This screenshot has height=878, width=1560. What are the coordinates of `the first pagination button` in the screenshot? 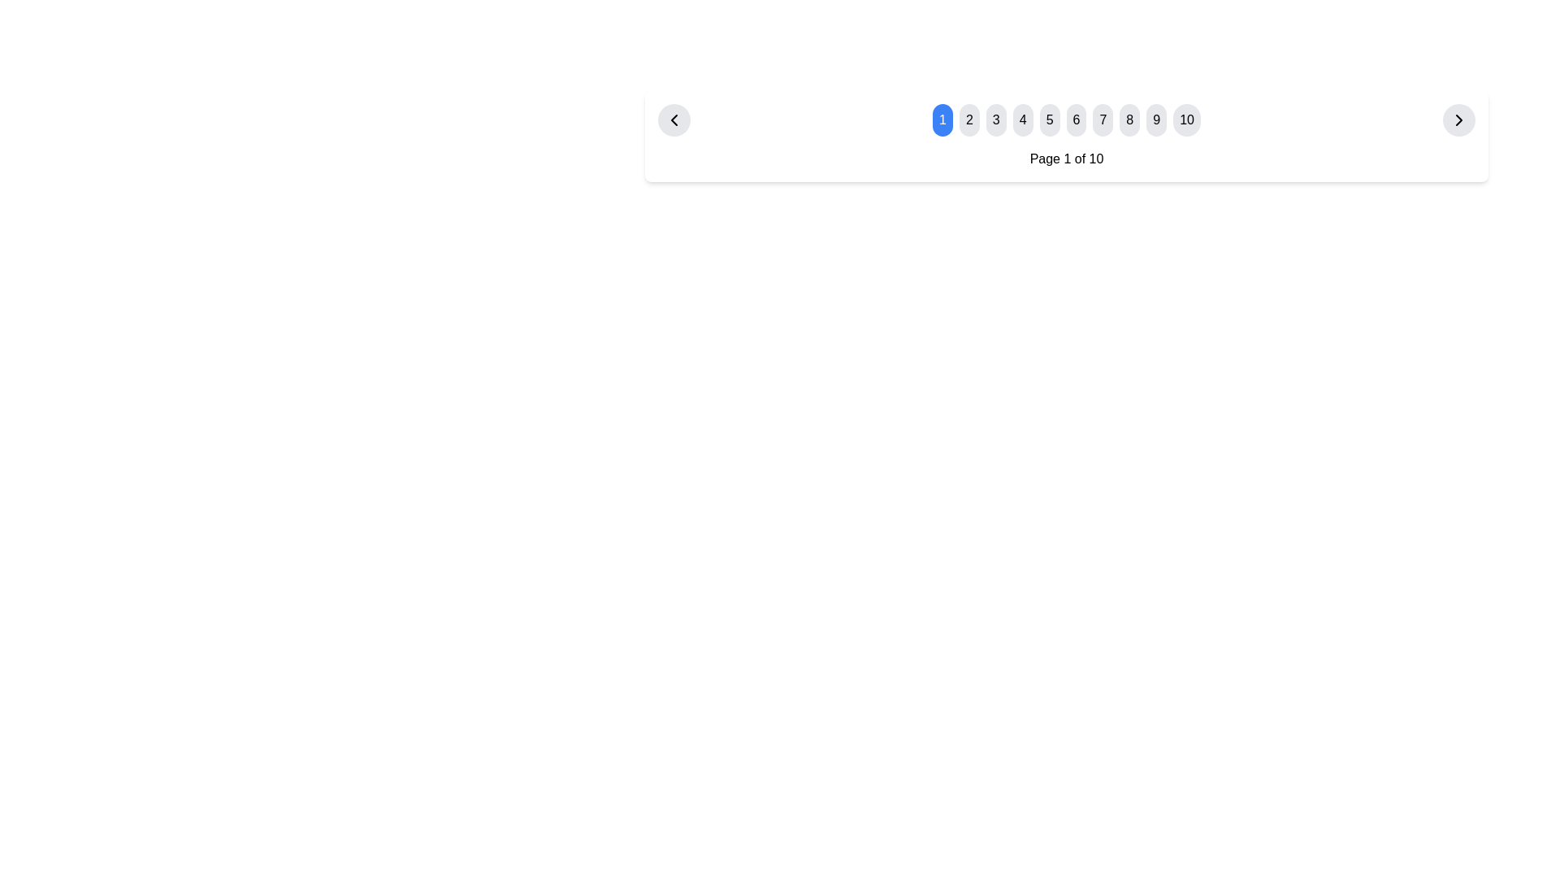 It's located at (942, 119).